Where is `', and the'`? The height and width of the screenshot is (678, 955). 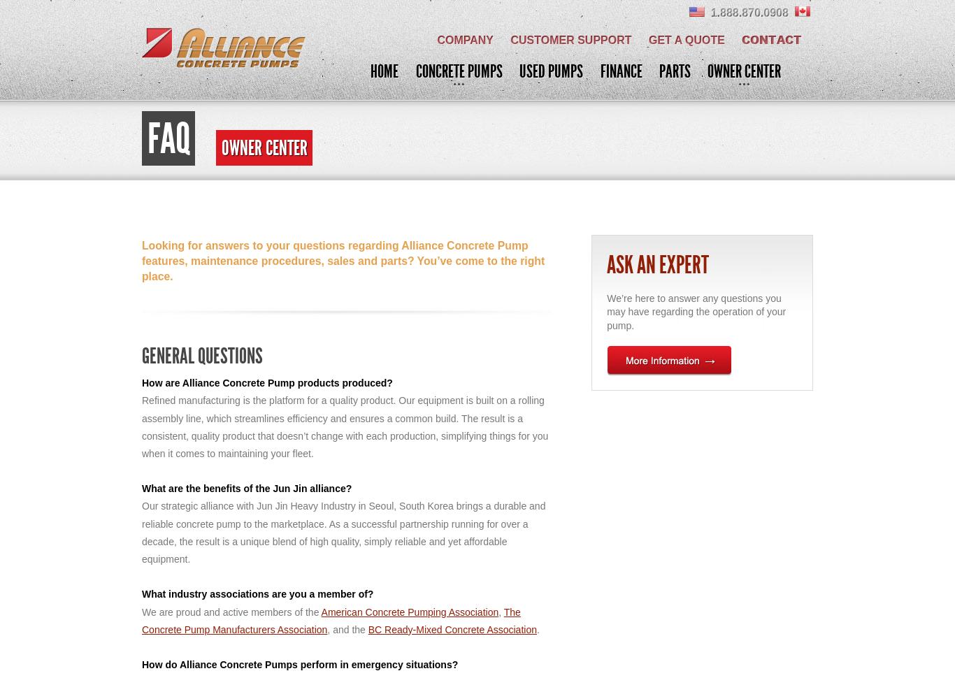
', and the' is located at coordinates (347, 628).